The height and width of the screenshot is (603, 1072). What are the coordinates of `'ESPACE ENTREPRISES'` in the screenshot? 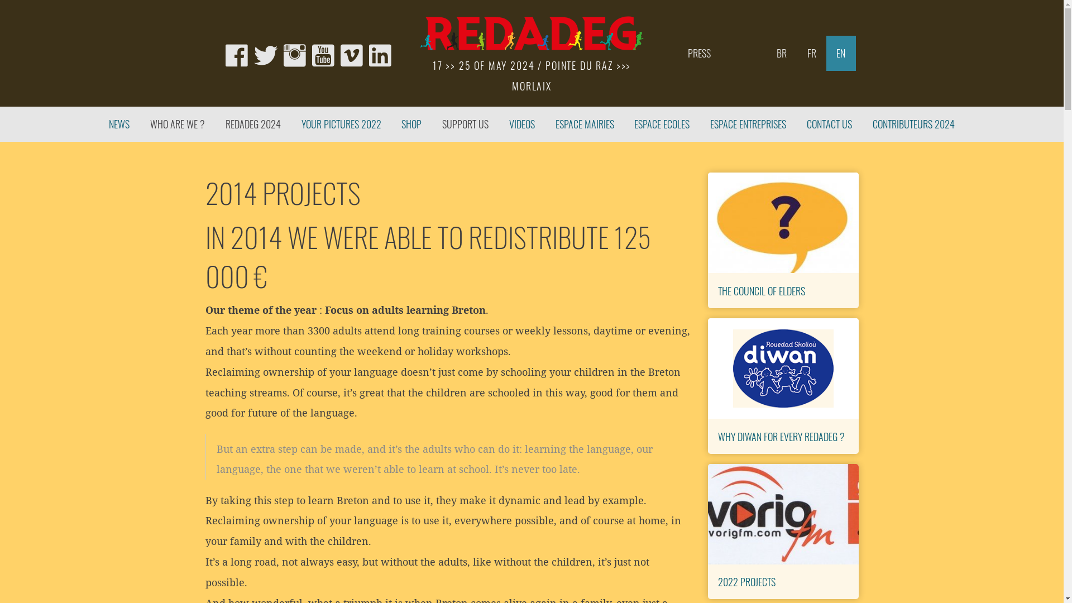 It's located at (748, 124).